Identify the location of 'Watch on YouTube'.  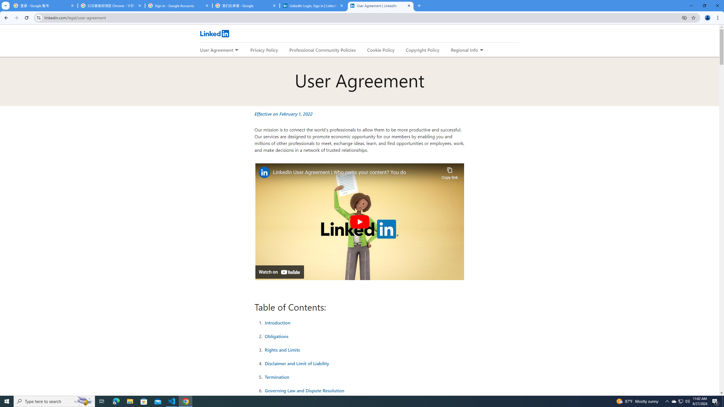
(279, 272).